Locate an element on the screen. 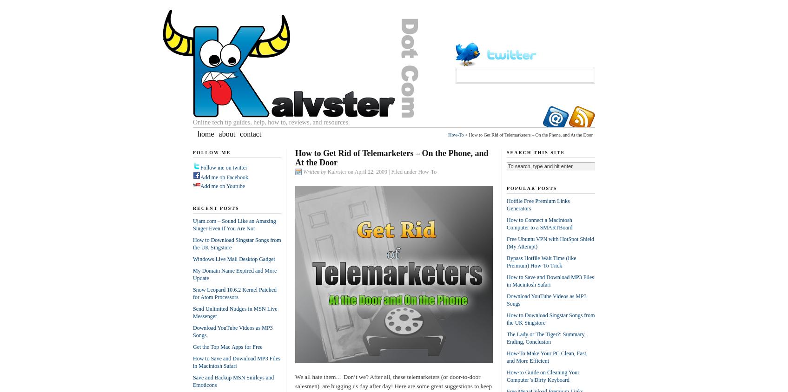  'about' is located at coordinates (218, 133).